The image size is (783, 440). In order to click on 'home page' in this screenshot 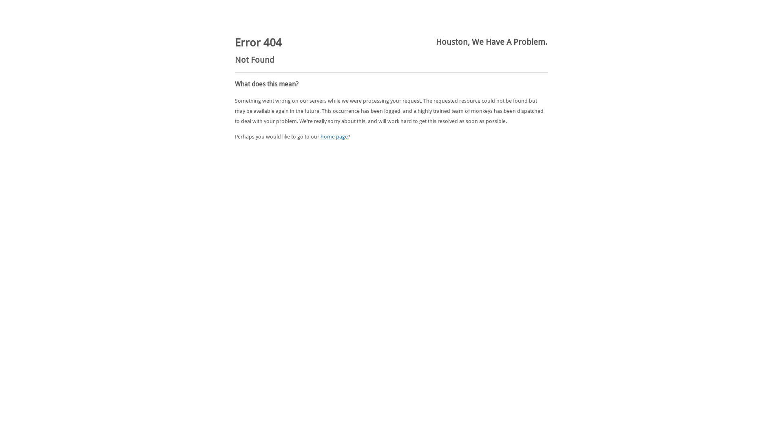, I will do `click(334, 136)`.